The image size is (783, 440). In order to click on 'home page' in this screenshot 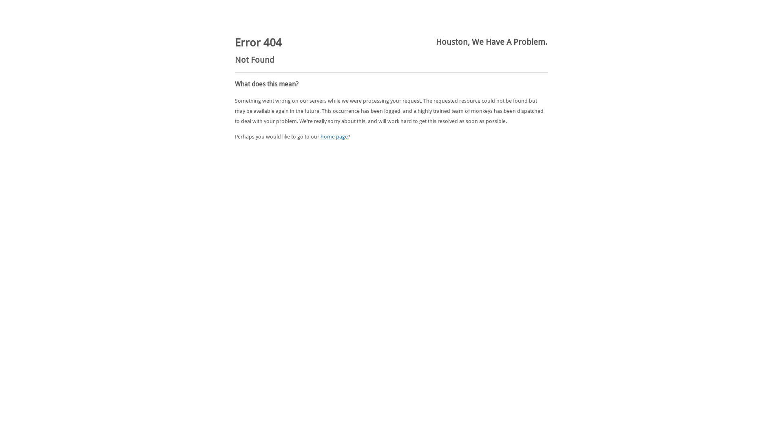, I will do `click(334, 136)`.